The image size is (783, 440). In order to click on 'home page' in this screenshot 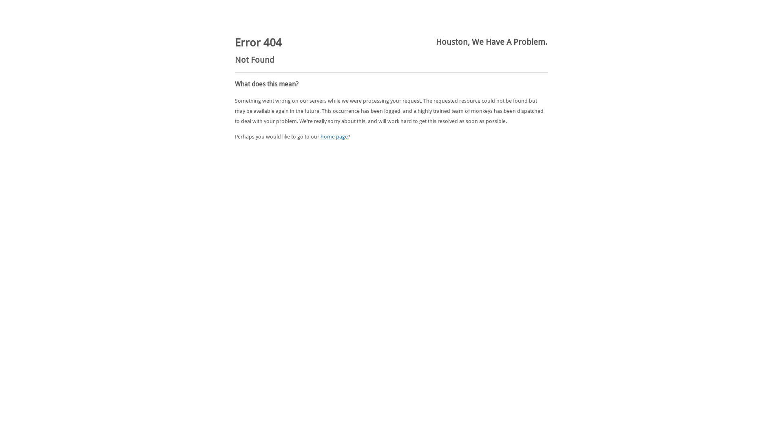, I will do `click(334, 136)`.